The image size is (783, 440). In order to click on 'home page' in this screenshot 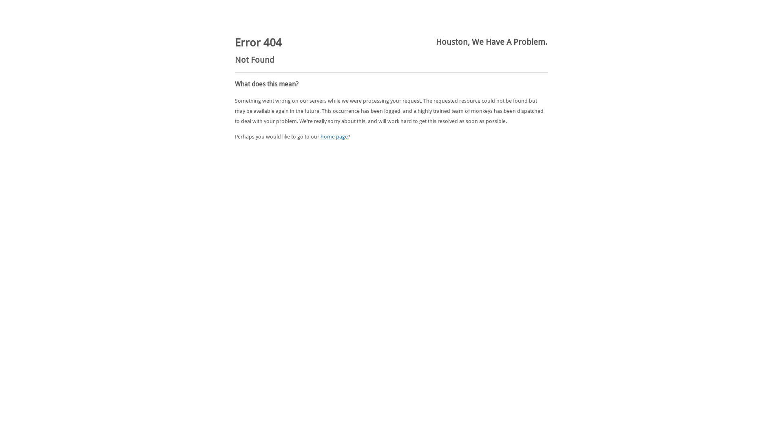, I will do `click(334, 136)`.